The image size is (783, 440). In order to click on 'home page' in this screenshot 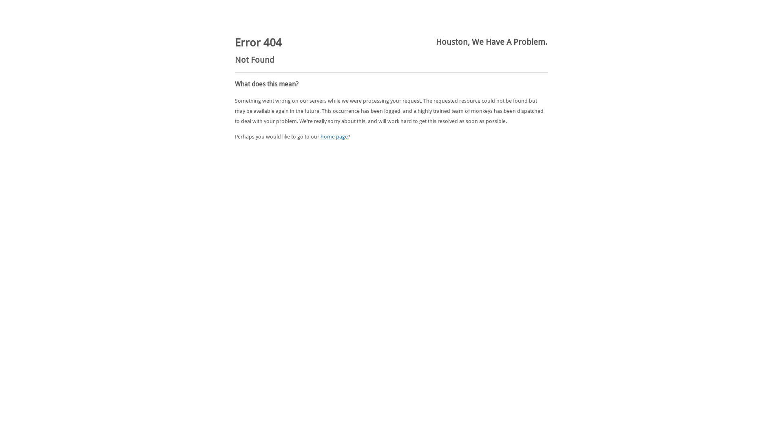, I will do `click(334, 136)`.